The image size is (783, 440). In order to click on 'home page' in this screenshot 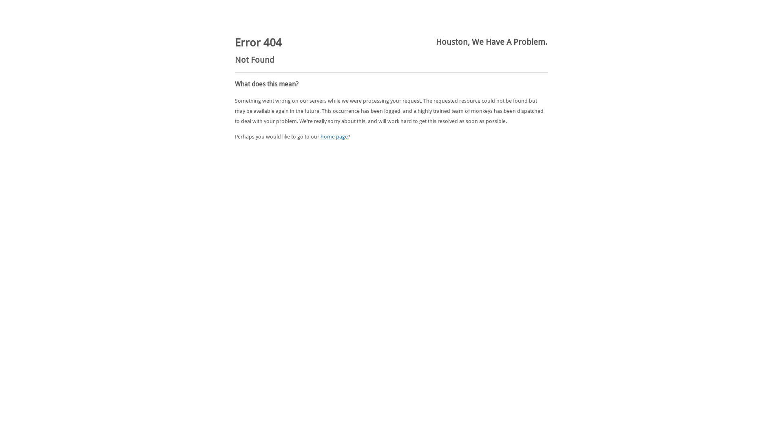, I will do `click(334, 136)`.